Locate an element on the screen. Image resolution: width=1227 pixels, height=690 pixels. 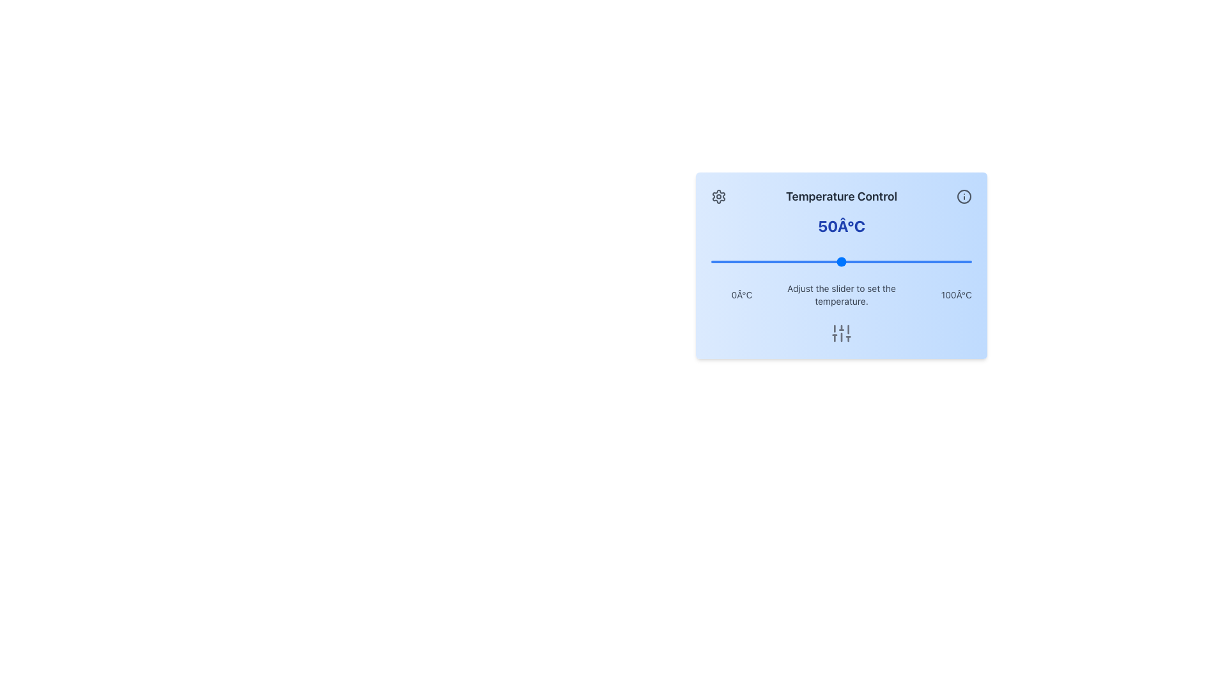
temperature is located at coordinates (775, 261).